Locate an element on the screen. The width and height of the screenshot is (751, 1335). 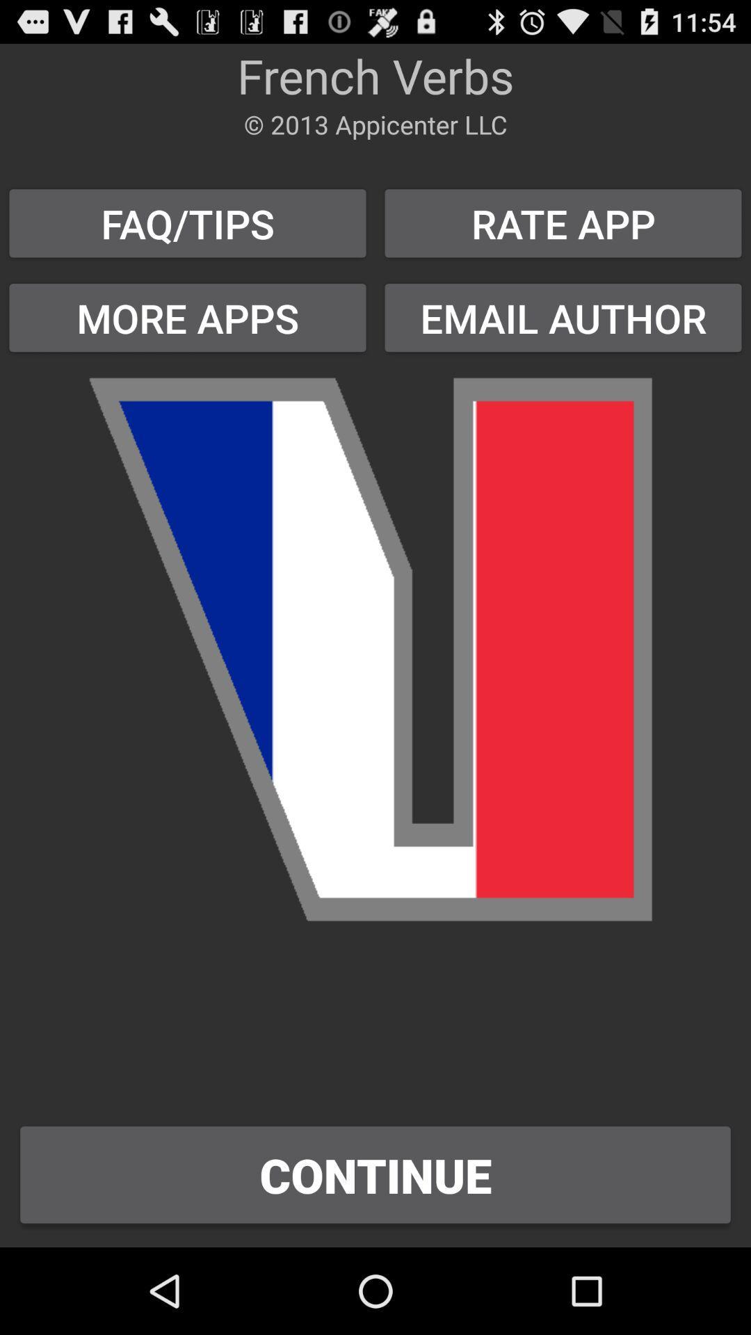
button to the left of the rate app item is located at coordinates (188, 223).